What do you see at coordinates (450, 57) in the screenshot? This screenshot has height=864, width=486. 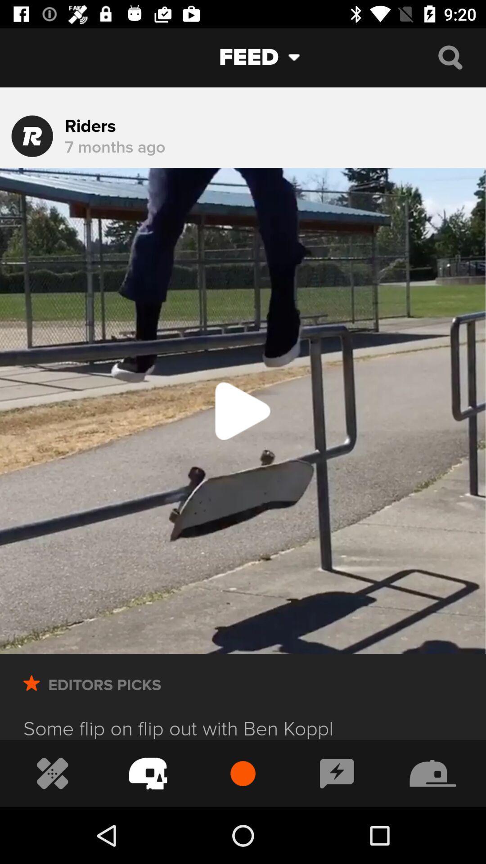 I see `the search icon` at bounding box center [450, 57].